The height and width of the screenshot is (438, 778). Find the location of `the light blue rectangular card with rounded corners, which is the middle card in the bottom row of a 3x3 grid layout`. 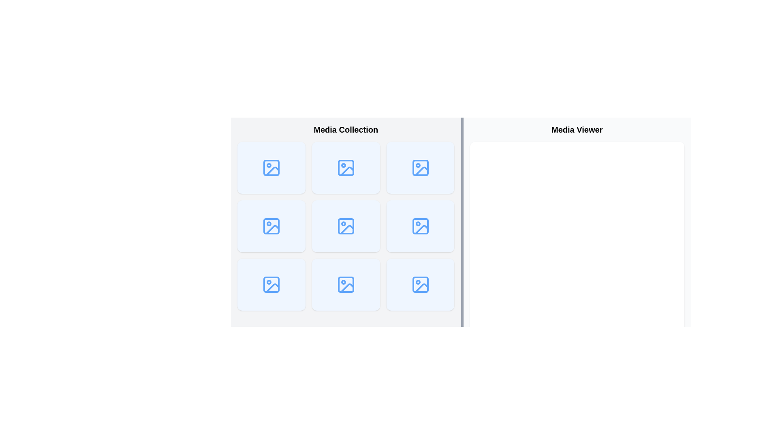

the light blue rectangular card with rounded corners, which is the middle card in the bottom row of a 3x3 grid layout is located at coordinates (346, 284).